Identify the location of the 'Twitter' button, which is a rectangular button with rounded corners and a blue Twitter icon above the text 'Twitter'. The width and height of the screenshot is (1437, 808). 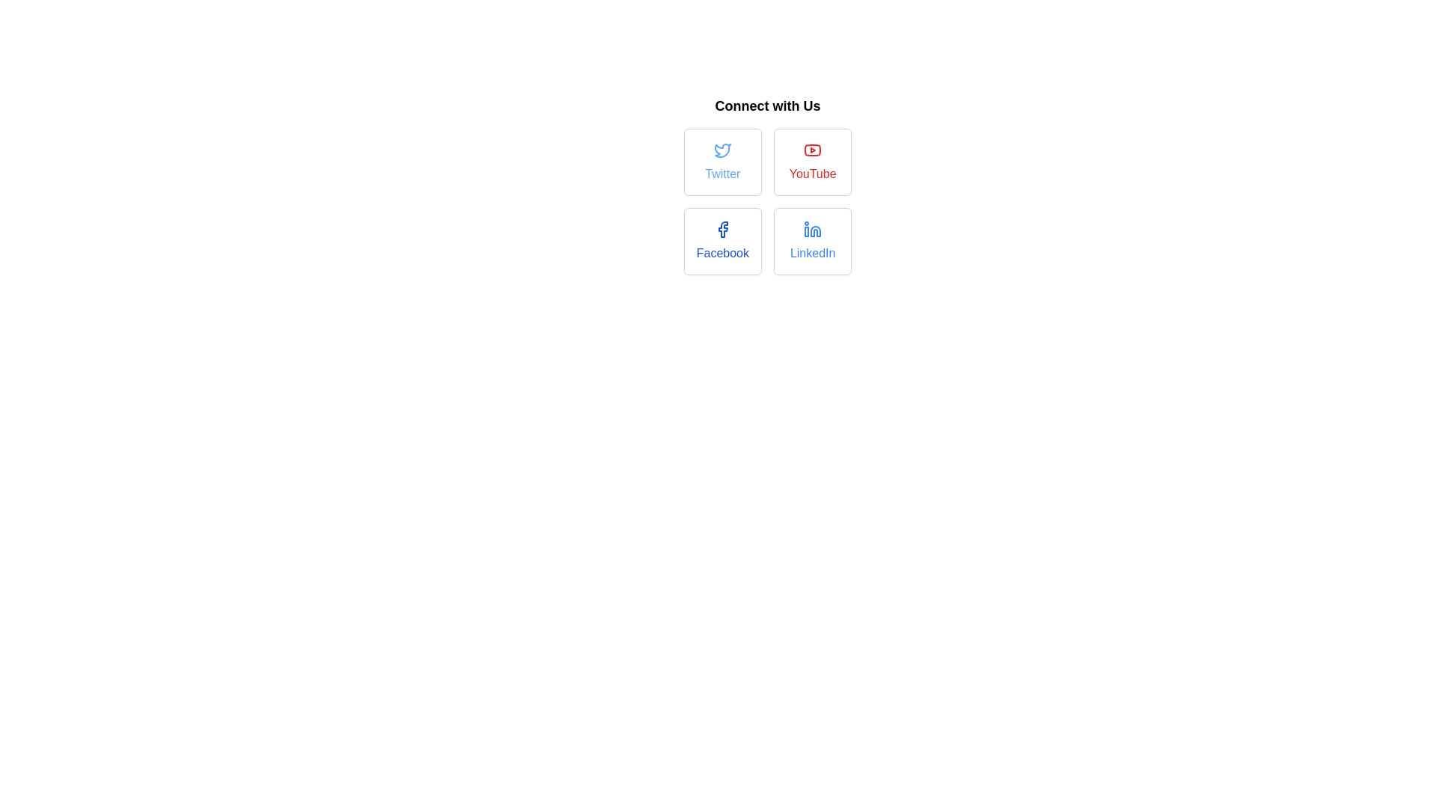
(722, 162).